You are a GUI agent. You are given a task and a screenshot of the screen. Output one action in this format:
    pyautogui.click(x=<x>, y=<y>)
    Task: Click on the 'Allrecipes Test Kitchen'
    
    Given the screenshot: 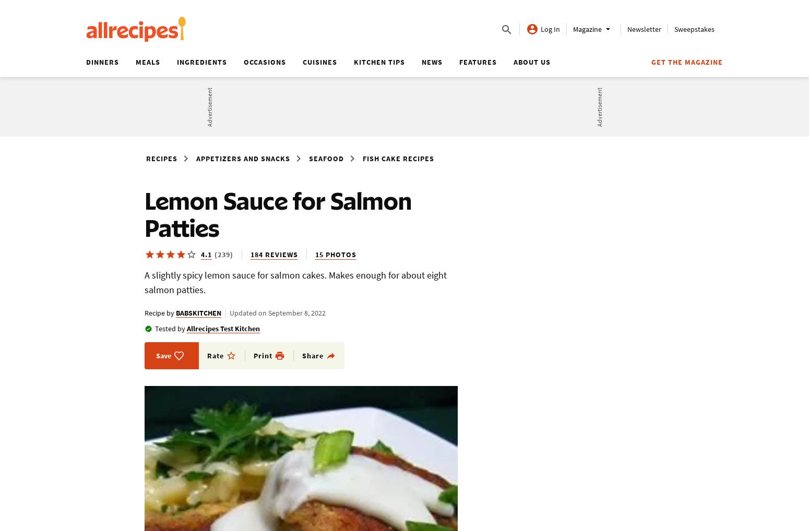 What is the action you would take?
    pyautogui.click(x=186, y=328)
    